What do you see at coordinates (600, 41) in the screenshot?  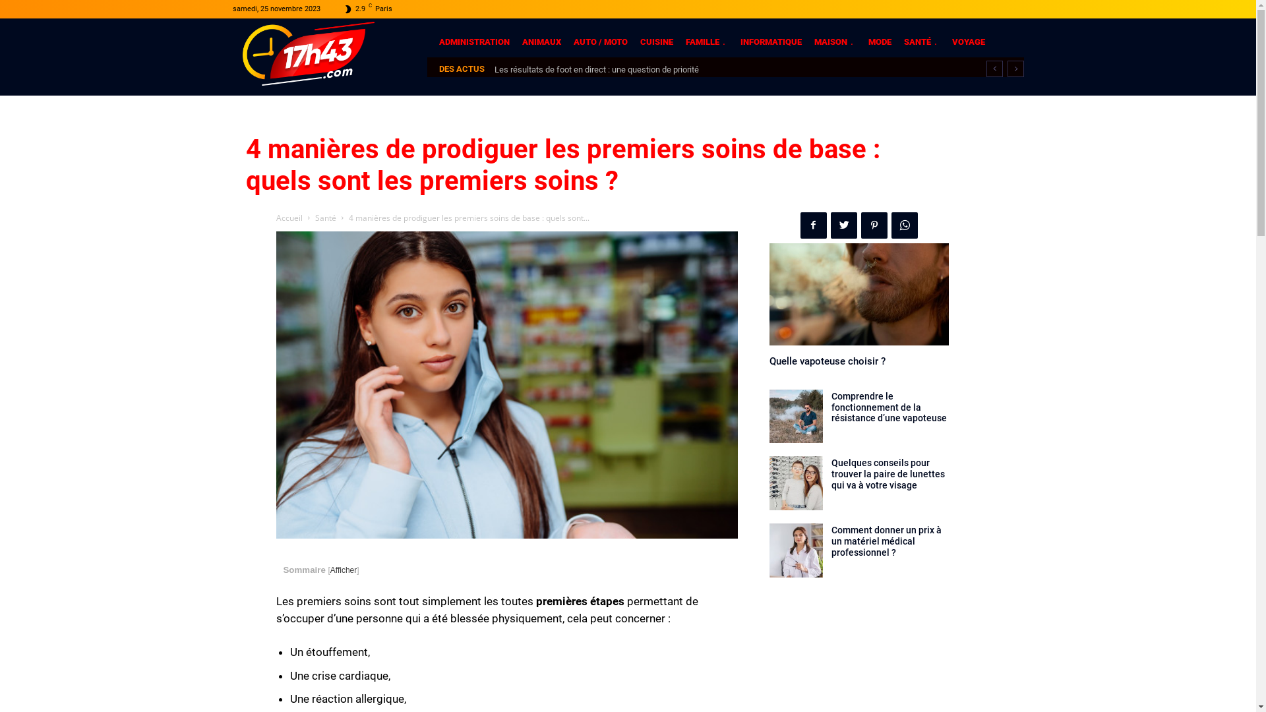 I see `'AUTO / MOTO'` at bounding box center [600, 41].